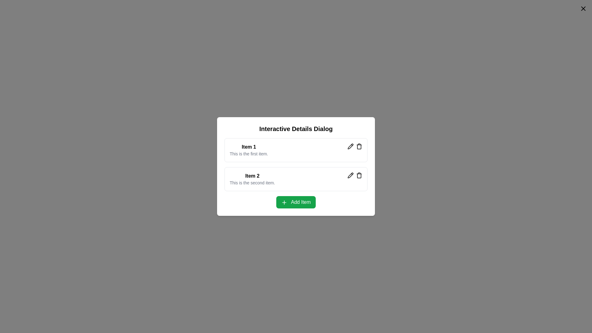 The width and height of the screenshot is (592, 333). What do you see at coordinates (249, 150) in the screenshot?
I see `the text block displaying the heading 'Item 1' and subtext 'This is the first item.'` at bounding box center [249, 150].